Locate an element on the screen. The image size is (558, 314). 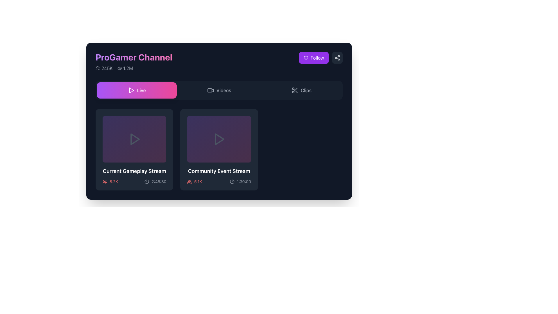
the icon next to the text 'Clips' in the horizontal navigation bar, which is positioned to the right of the 'Videos' section is located at coordinates (295, 90).